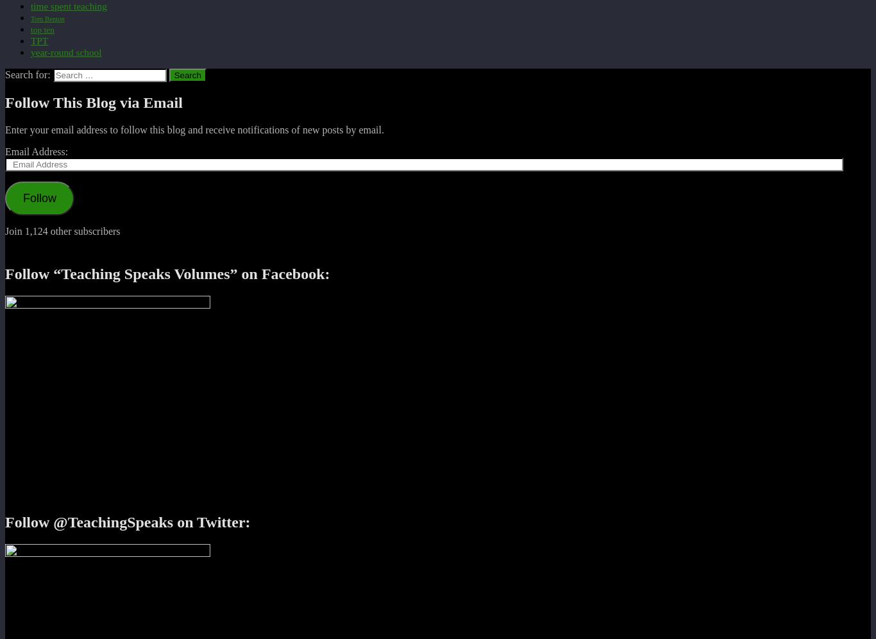 This screenshot has height=639, width=876. Describe the element at coordinates (127, 522) in the screenshot. I see `'Follow @TeachingSpeaks on Twitter:'` at that location.